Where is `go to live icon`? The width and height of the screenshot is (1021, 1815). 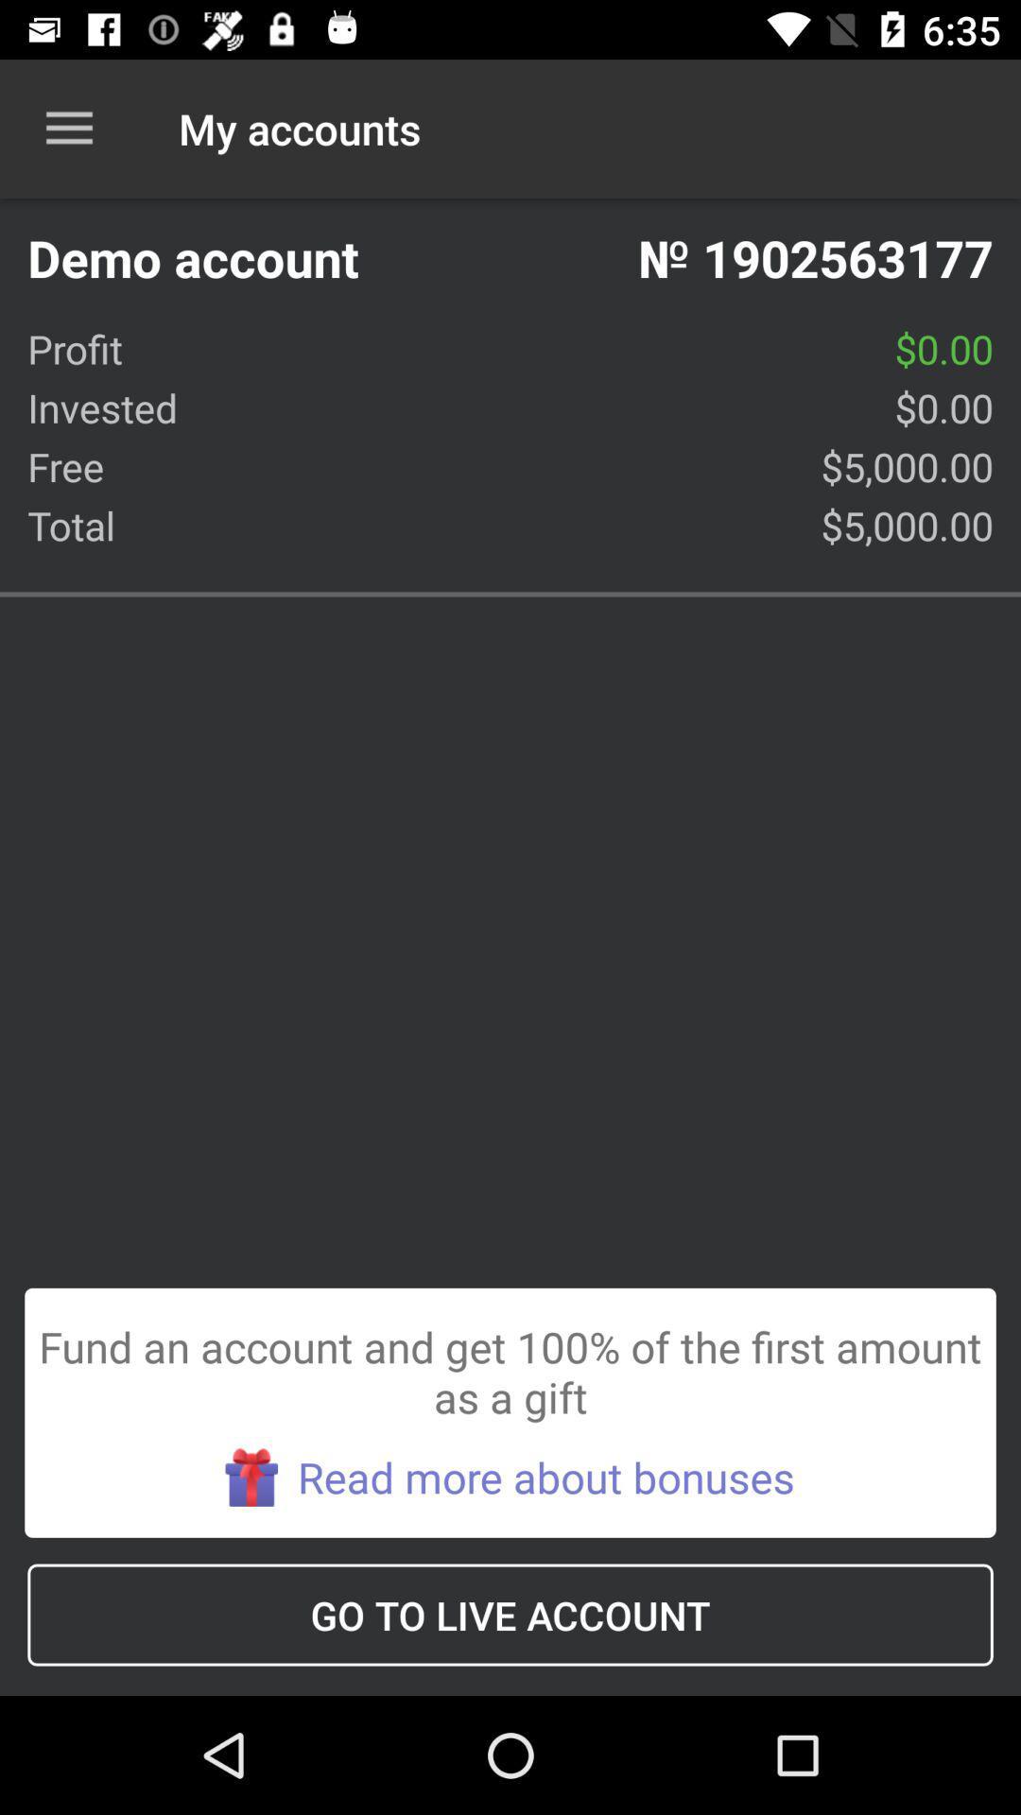 go to live icon is located at coordinates (510, 1614).